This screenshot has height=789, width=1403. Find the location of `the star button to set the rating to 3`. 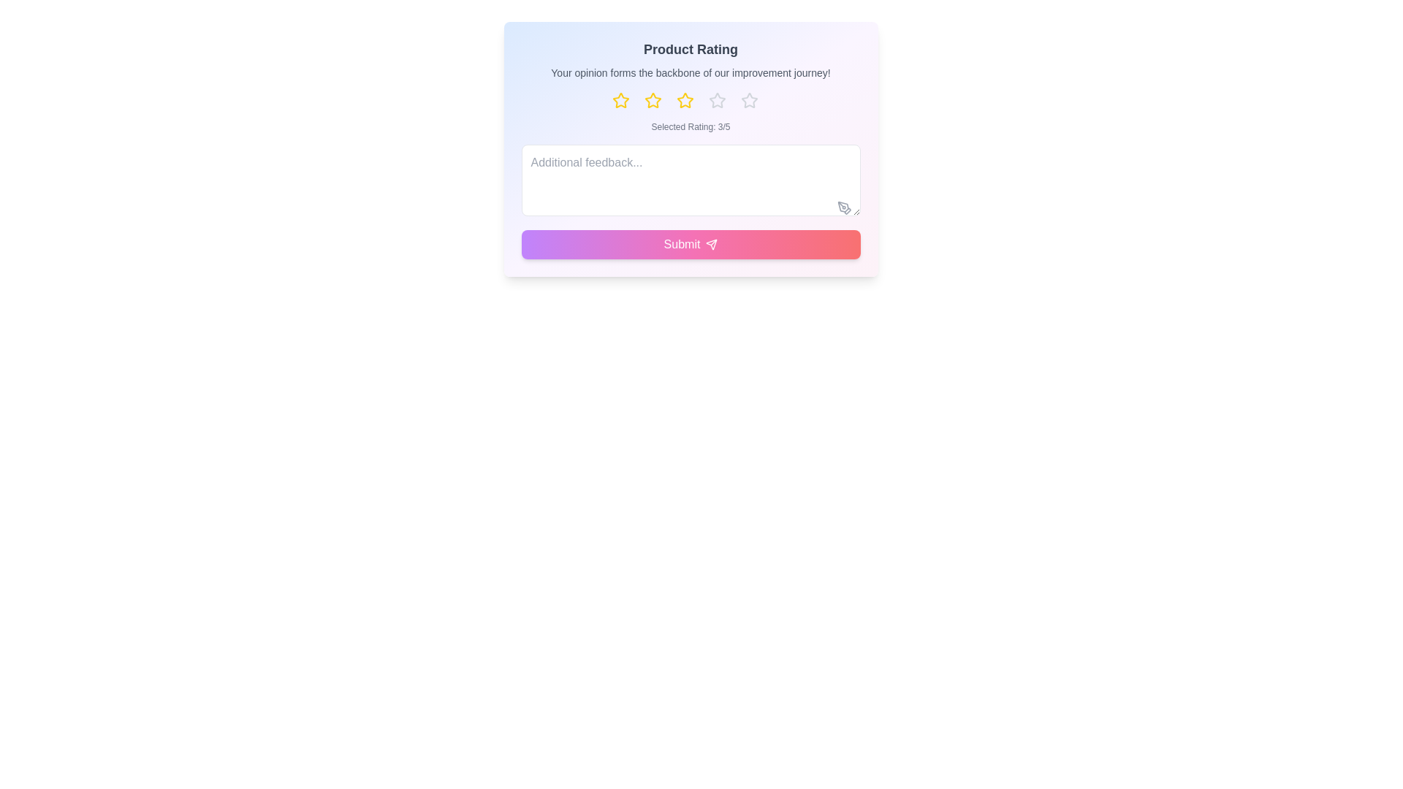

the star button to set the rating to 3 is located at coordinates (690, 100).